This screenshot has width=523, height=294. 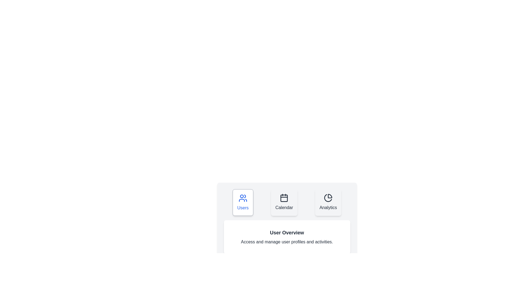 I want to click on the navigation label for the calendar feature, which is positioned below a calendar icon and between 'Users' and 'Analytics' in the interactive block, so click(x=284, y=208).